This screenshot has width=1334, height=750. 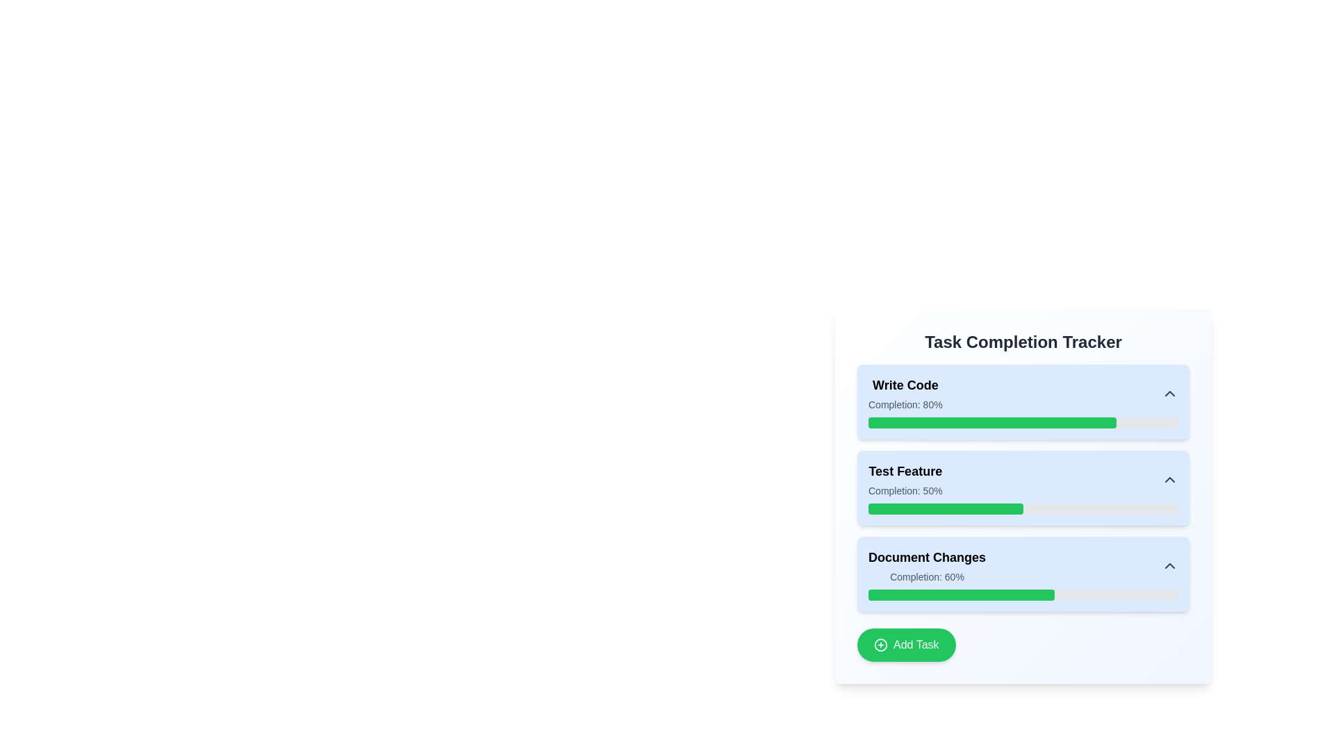 What do you see at coordinates (945, 508) in the screenshot?
I see `the filled section of the progress bar representing 50% completion for the task labeled 'Test Feature' in the 'Task Completion Tracker'` at bounding box center [945, 508].